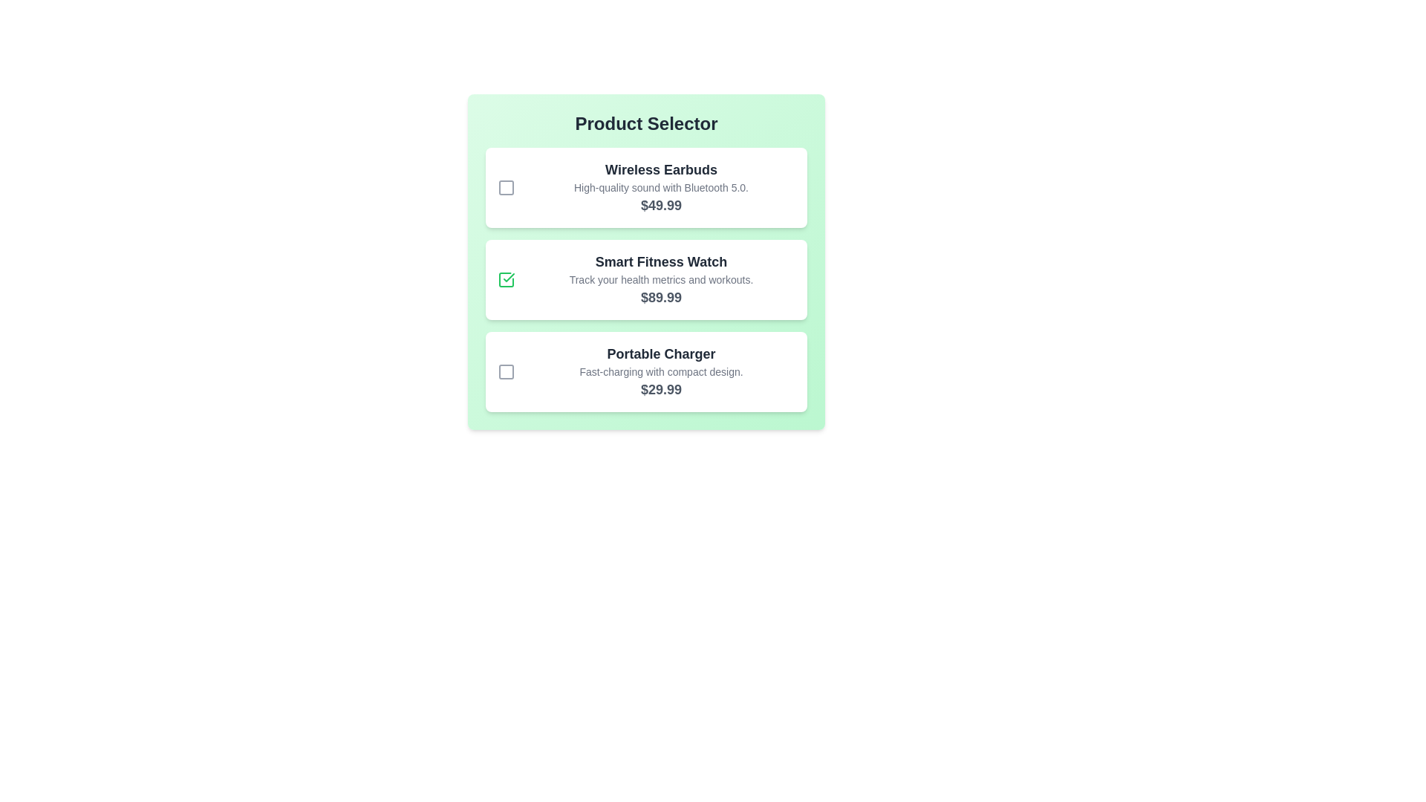 This screenshot has height=802, width=1426. I want to click on the product Smart Fitness Watch by clicking its checkbox, so click(506, 280).